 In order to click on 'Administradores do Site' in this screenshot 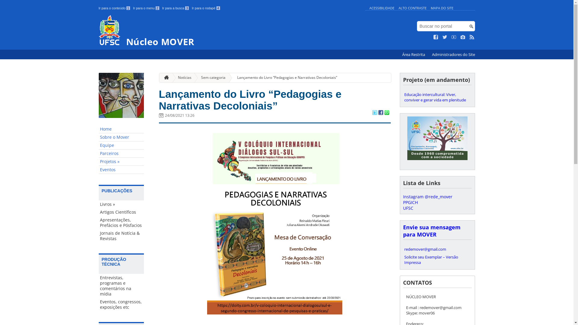, I will do `click(453, 54)`.